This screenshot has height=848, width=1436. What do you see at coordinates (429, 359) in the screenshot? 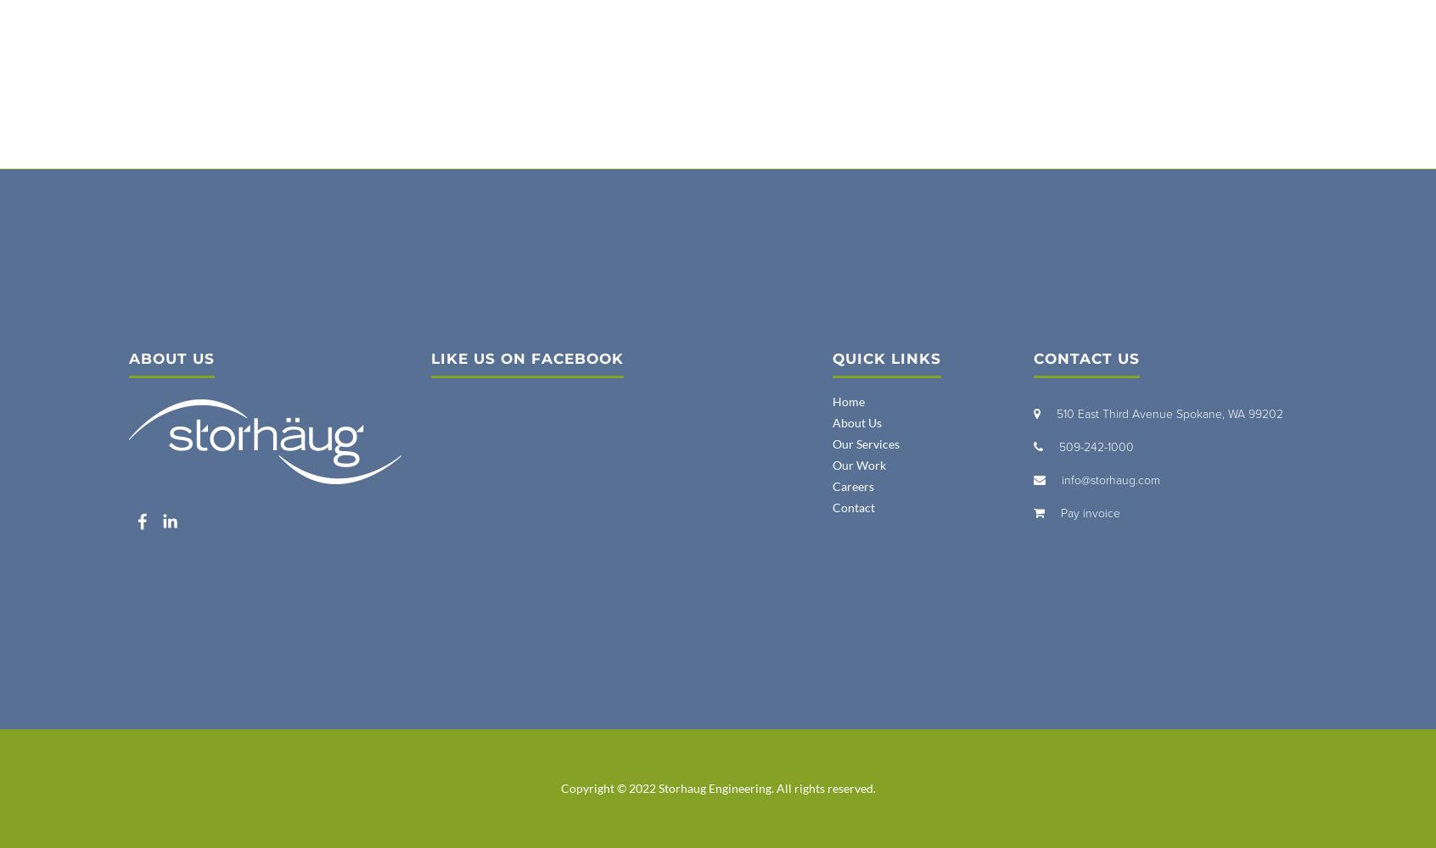
I see `'LIKE US ON FACEBOOK'` at bounding box center [429, 359].